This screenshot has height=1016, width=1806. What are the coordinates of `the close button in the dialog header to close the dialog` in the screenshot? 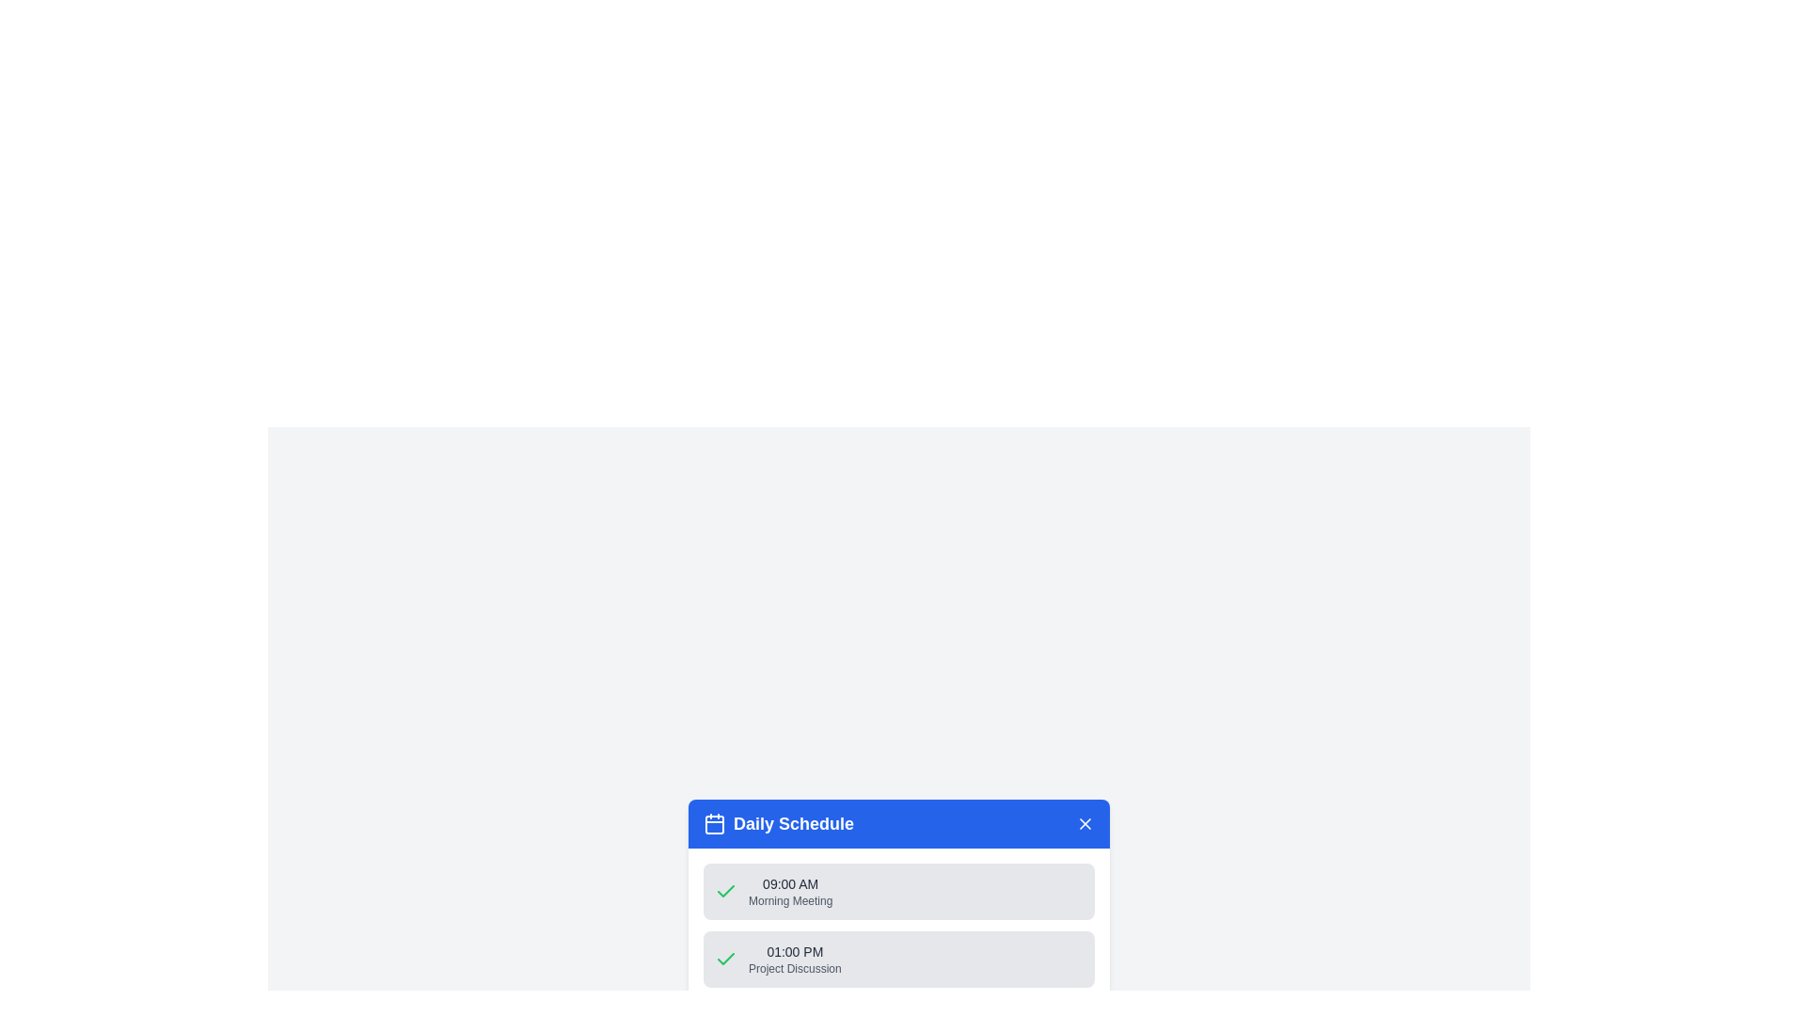 It's located at (1085, 822).